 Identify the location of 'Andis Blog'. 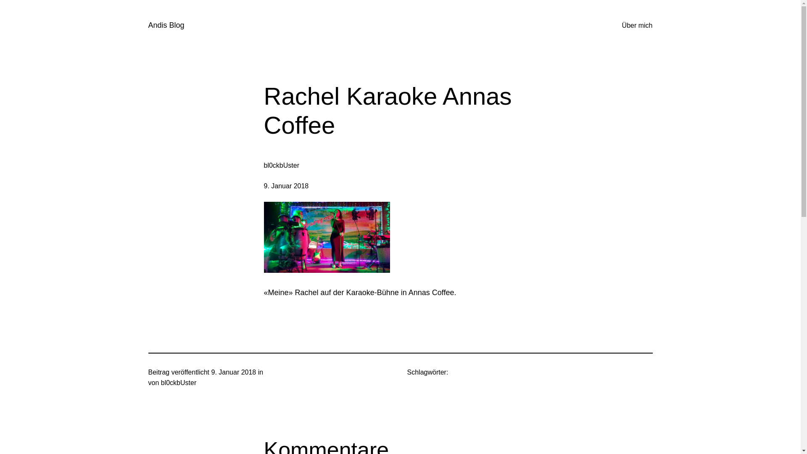
(166, 25).